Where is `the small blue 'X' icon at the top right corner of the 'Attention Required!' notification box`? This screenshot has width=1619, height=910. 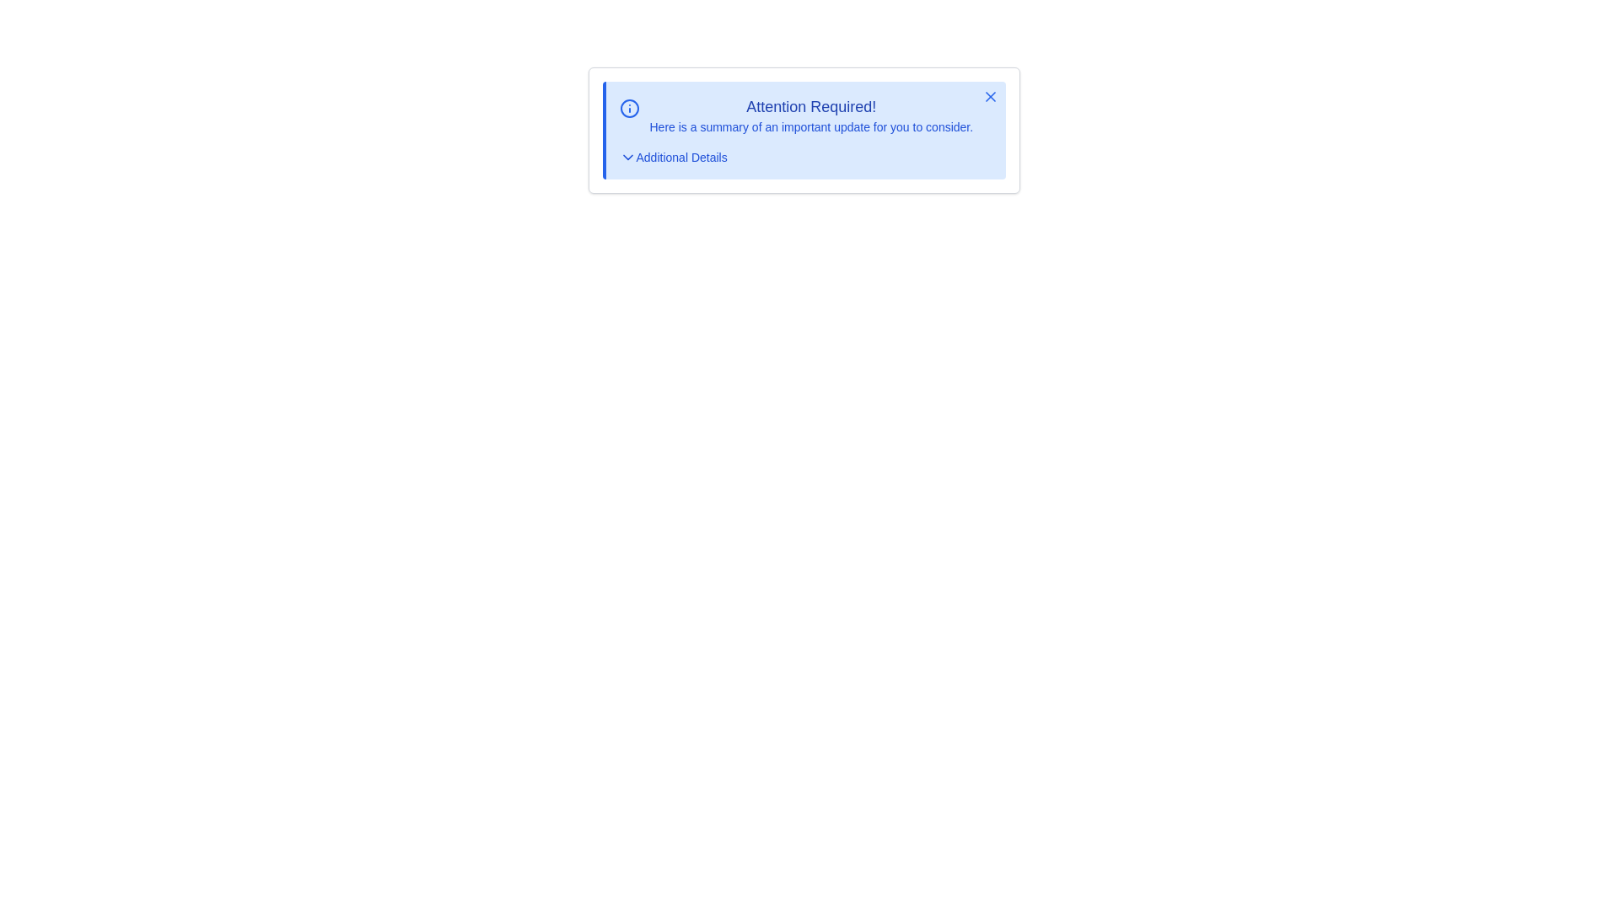 the small blue 'X' icon at the top right corner of the 'Attention Required!' notification box is located at coordinates (990, 97).